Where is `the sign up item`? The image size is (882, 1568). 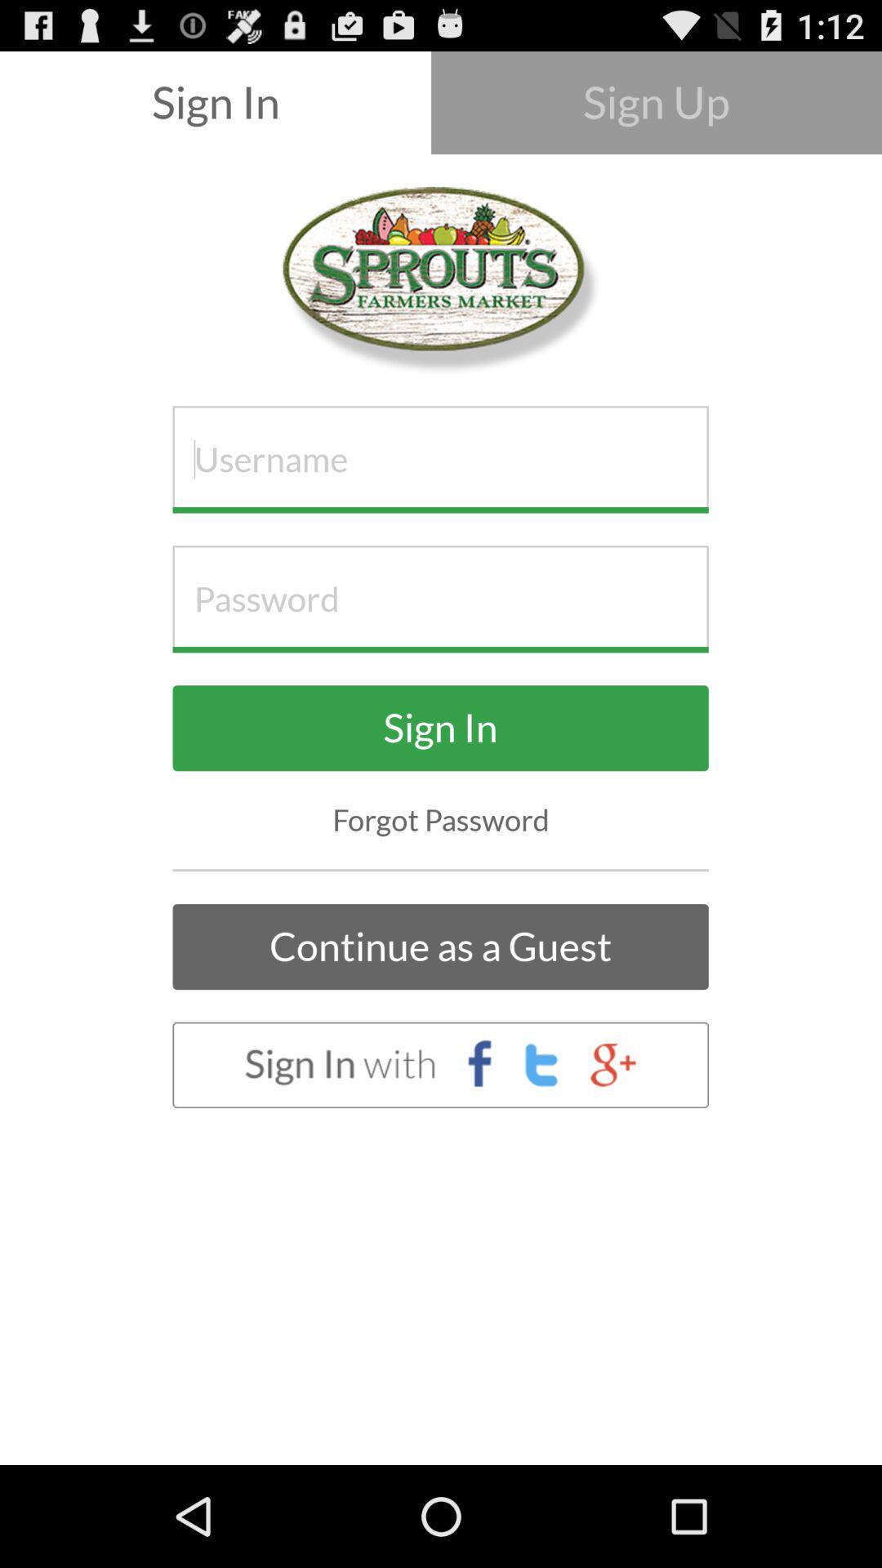 the sign up item is located at coordinates (655, 101).